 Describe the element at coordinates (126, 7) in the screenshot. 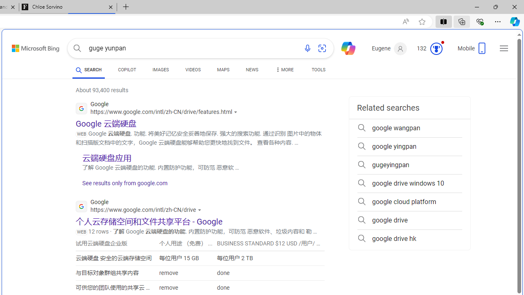

I see `'New Tab'` at that location.